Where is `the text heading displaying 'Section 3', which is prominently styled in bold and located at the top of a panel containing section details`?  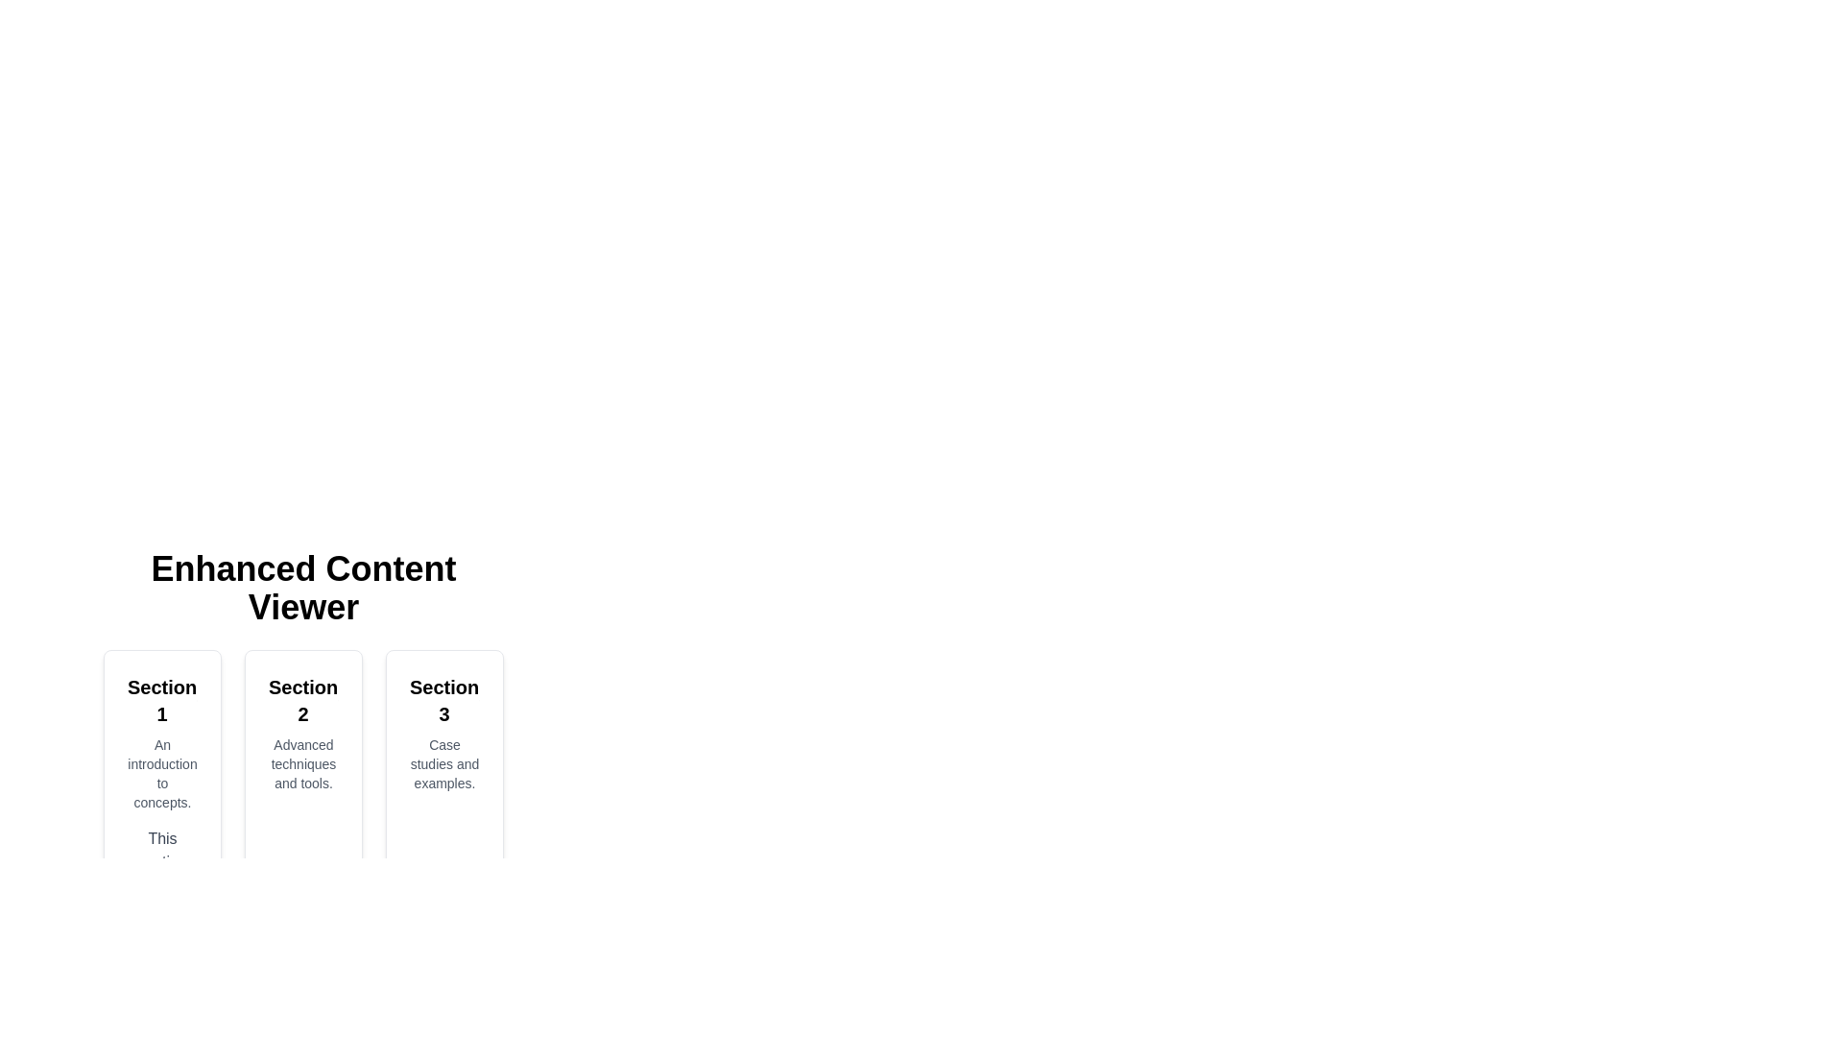
the text heading displaying 'Section 3', which is prominently styled in bold and located at the top of a panel containing section details is located at coordinates (443, 700).